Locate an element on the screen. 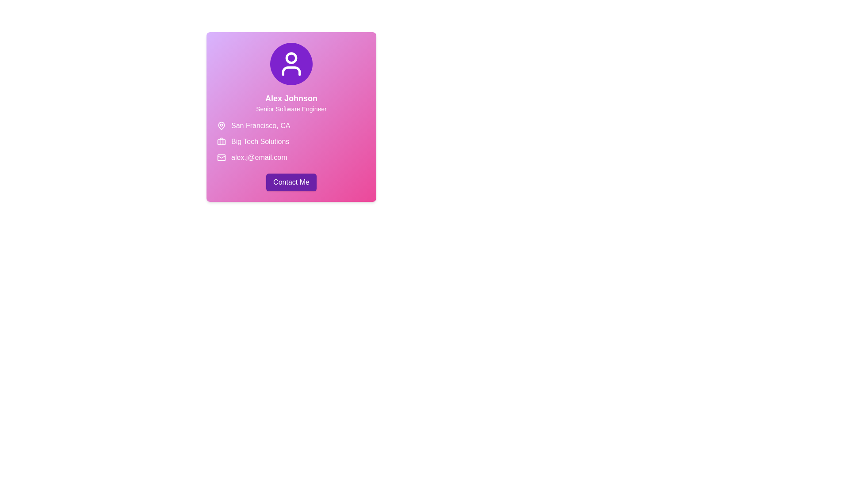 Image resolution: width=849 pixels, height=477 pixels. the graphical marker icon indicating location information next to the text 'San Francisco, CA' in the user card layout is located at coordinates (221, 125).